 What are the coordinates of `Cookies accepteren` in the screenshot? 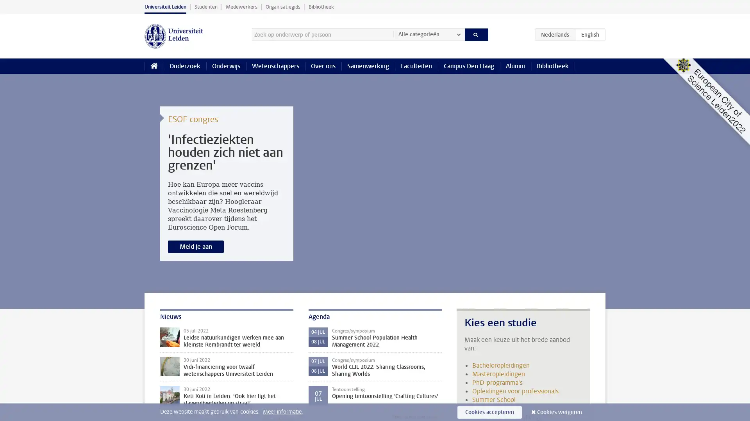 It's located at (489, 412).